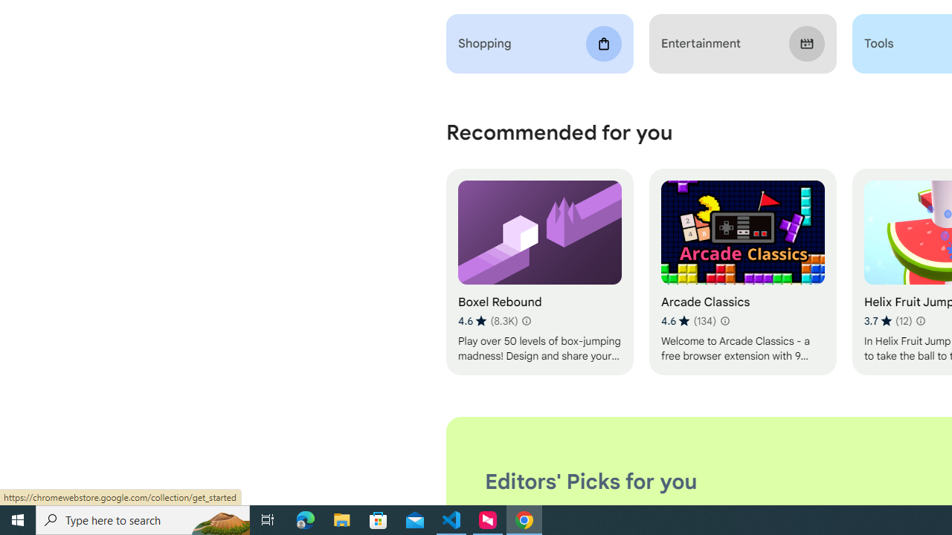  I want to click on 'Arcade Classics', so click(742, 272).